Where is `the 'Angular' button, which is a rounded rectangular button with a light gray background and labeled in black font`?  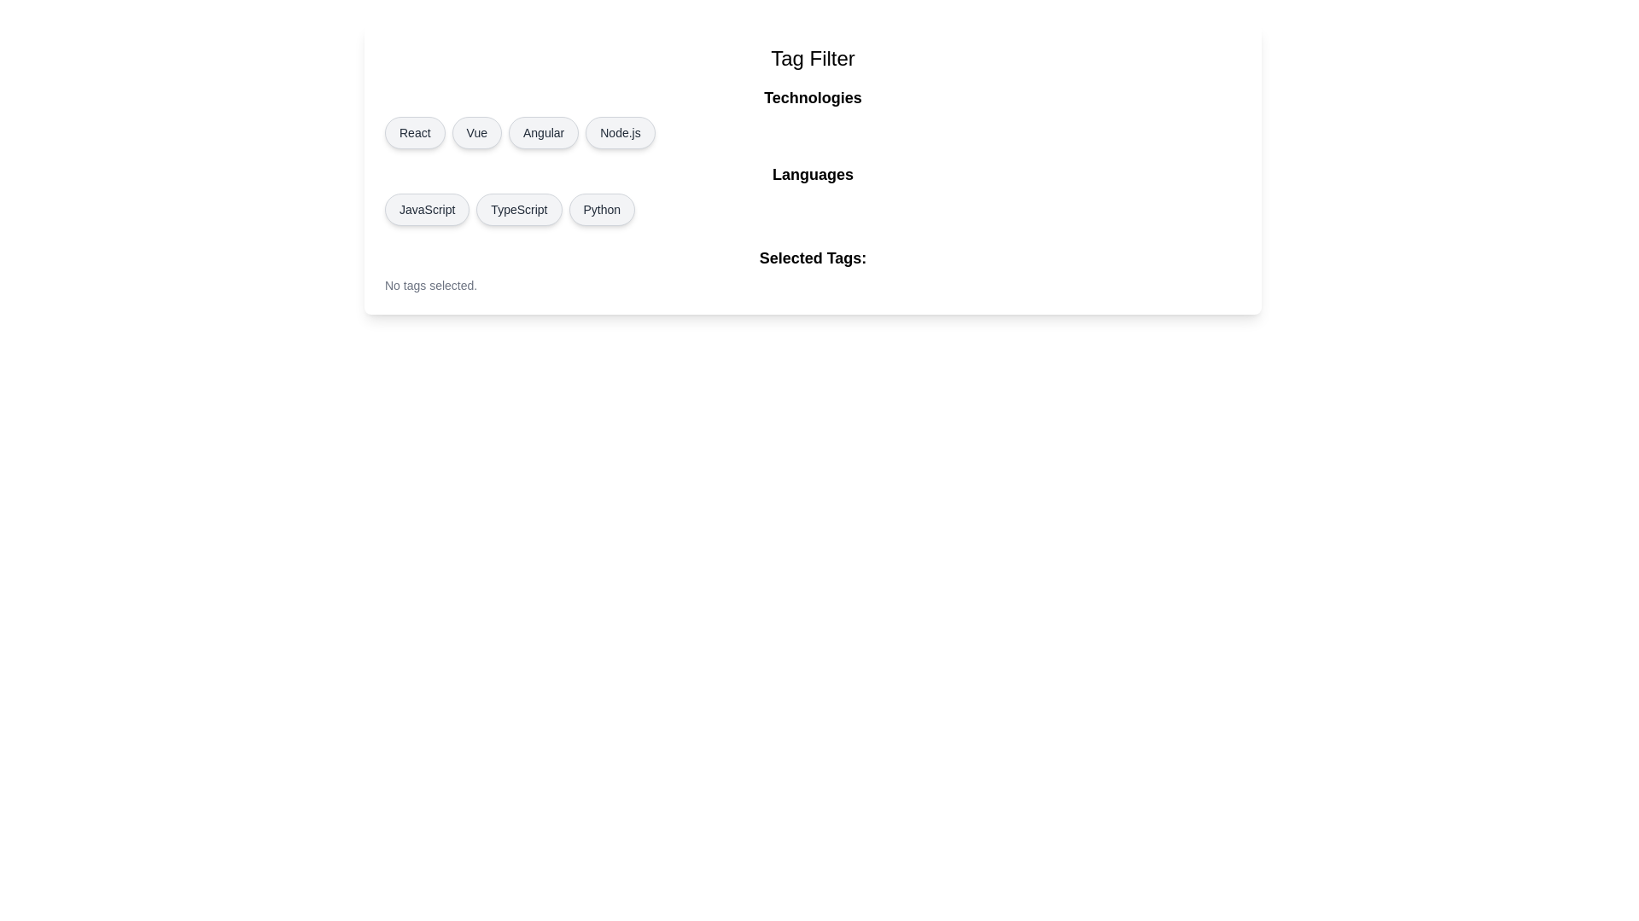 the 'Angular' button, which is a rounded rectangular button with a light gray background and labeled in black font is located at coordinates (543, 131).